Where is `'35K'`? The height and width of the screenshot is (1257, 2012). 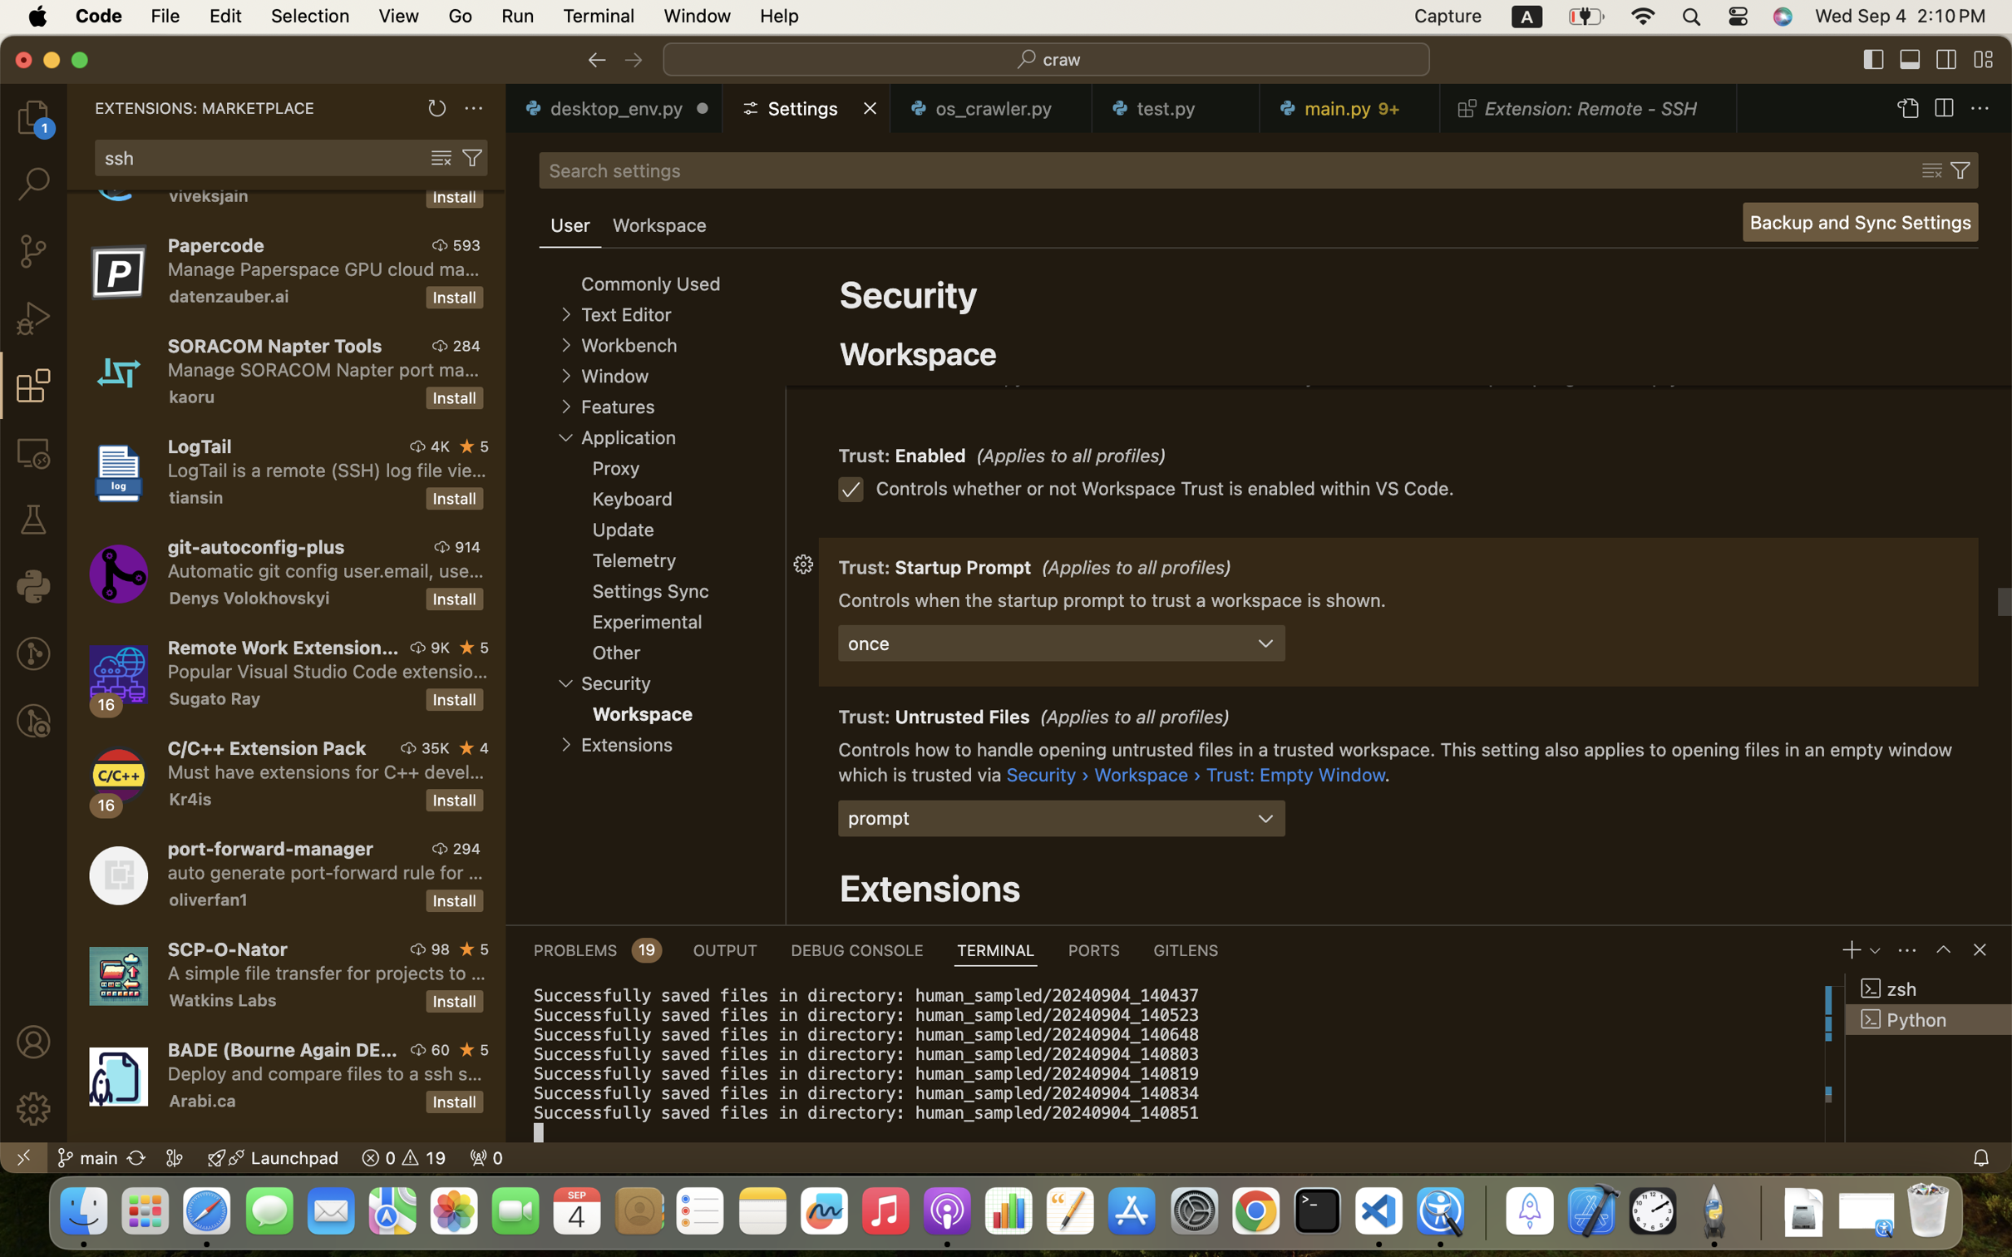
'35K' is located at coordinates (435, 748).